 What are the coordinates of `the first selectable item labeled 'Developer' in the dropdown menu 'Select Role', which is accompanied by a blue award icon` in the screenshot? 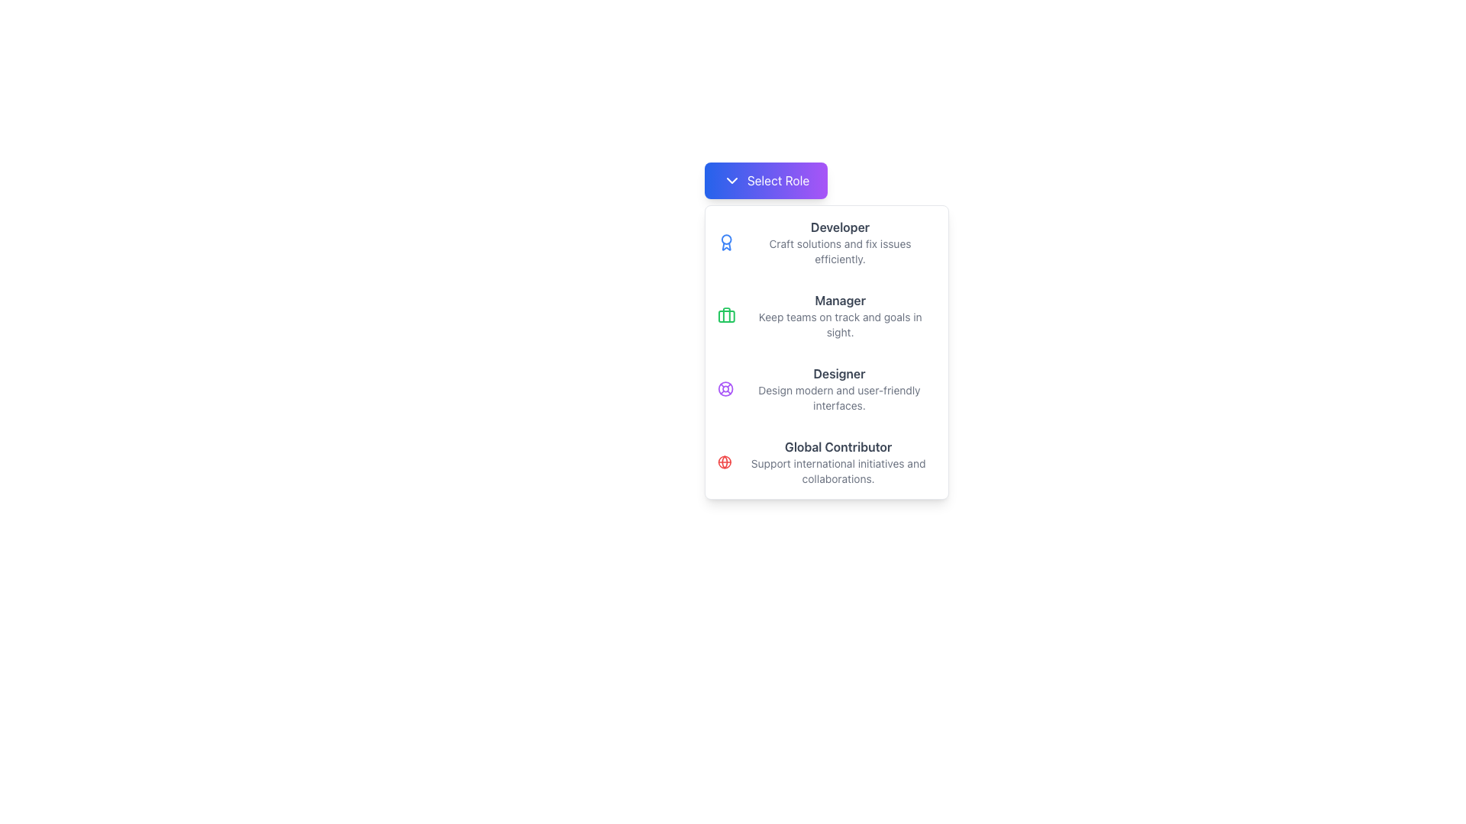 It's located at (825, 241).